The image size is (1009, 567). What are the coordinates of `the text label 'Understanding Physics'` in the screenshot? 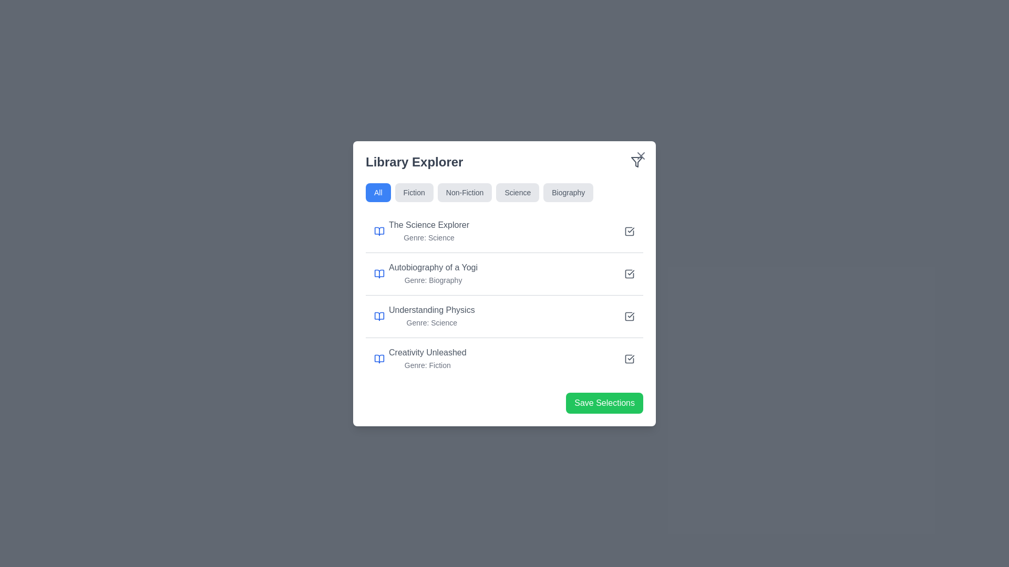 It's located at (424, 316).